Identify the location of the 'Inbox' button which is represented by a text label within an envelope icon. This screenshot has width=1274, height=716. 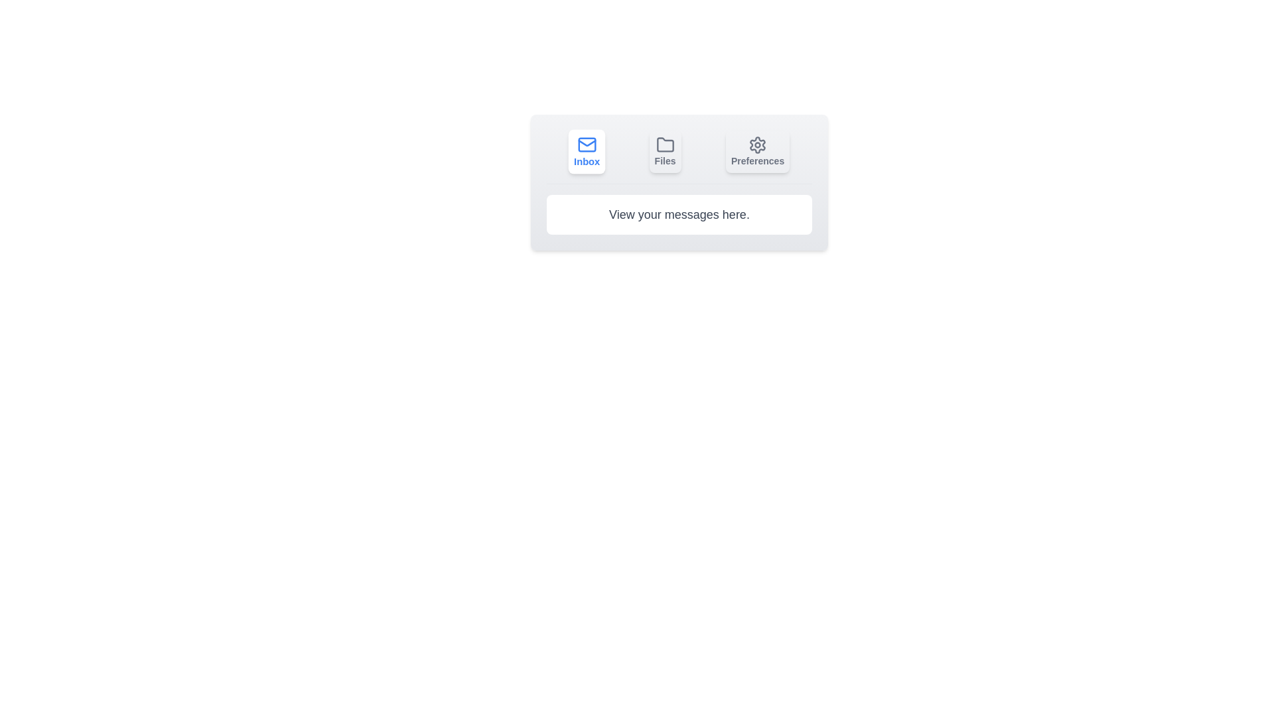
(586, 160).